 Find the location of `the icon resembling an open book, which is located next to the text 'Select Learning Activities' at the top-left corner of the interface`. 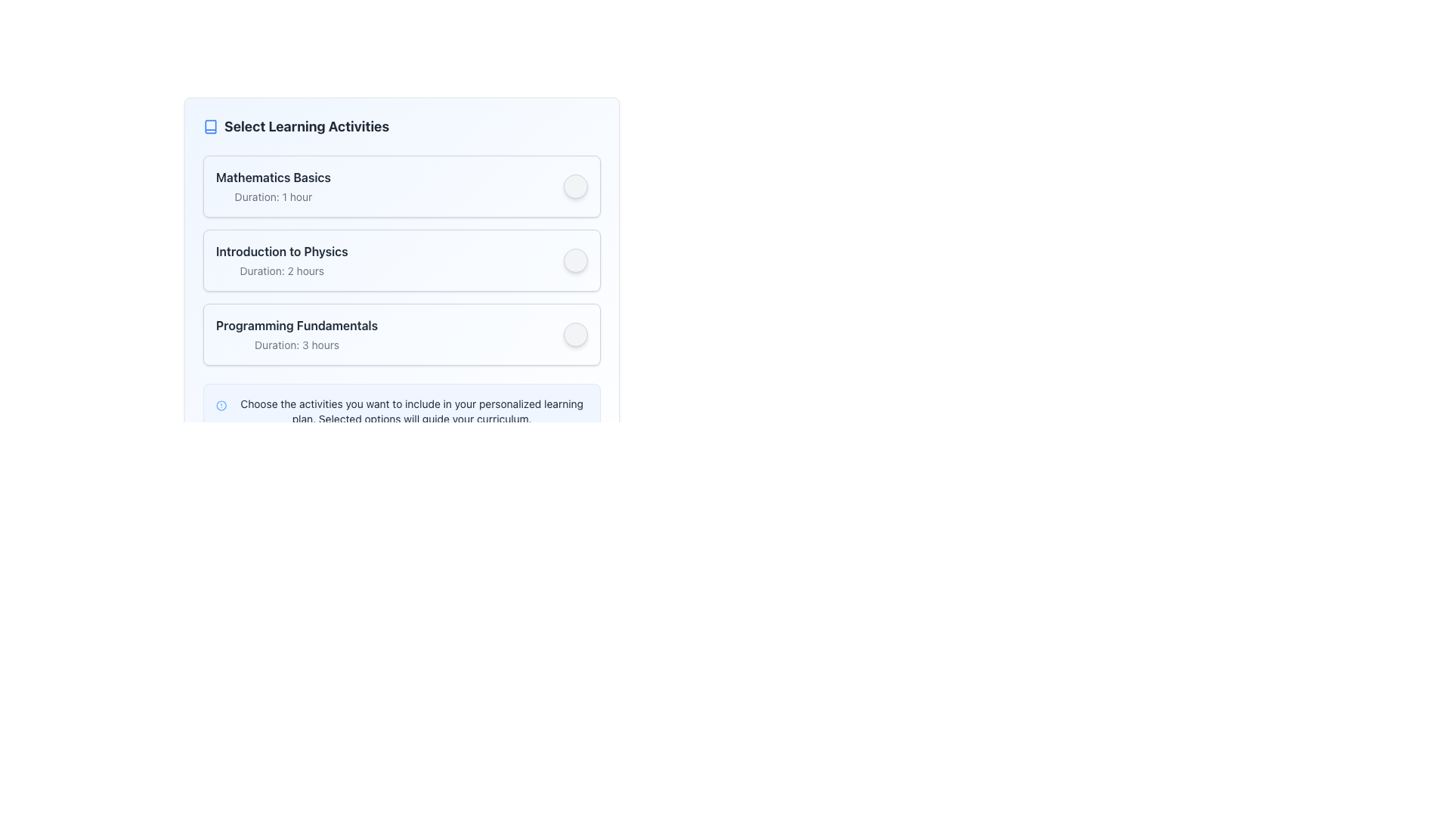

the icon resembling an open book, which is located next to the text 'Select Learning Activities' at the top-left corner of the interface is located at coordinates (209, 126).